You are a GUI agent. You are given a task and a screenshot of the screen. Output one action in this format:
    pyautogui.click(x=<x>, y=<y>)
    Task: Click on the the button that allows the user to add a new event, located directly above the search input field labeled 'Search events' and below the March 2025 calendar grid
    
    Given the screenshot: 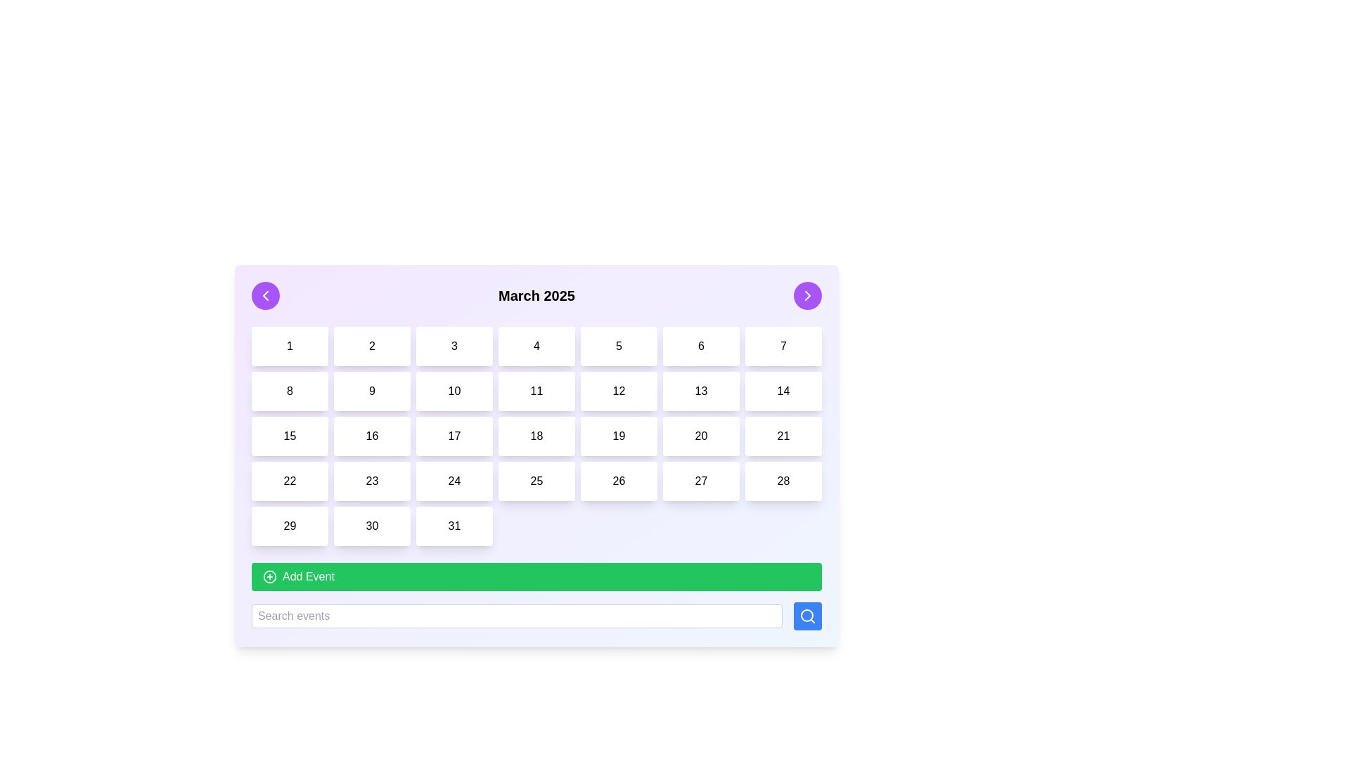 What is the action you would take?
    pyautogui.click(x=536, y=596)
    